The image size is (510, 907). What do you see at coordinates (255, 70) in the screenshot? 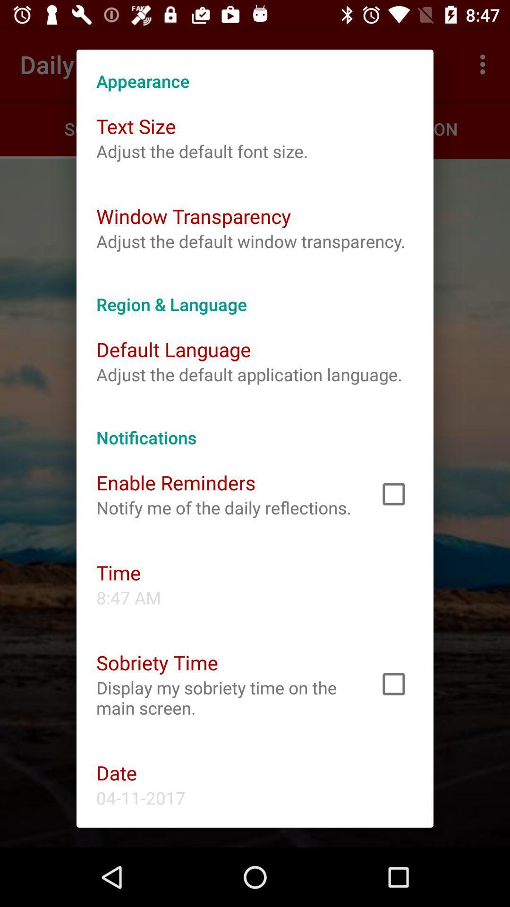
I see `appearance` at bounding box center [255, 70].